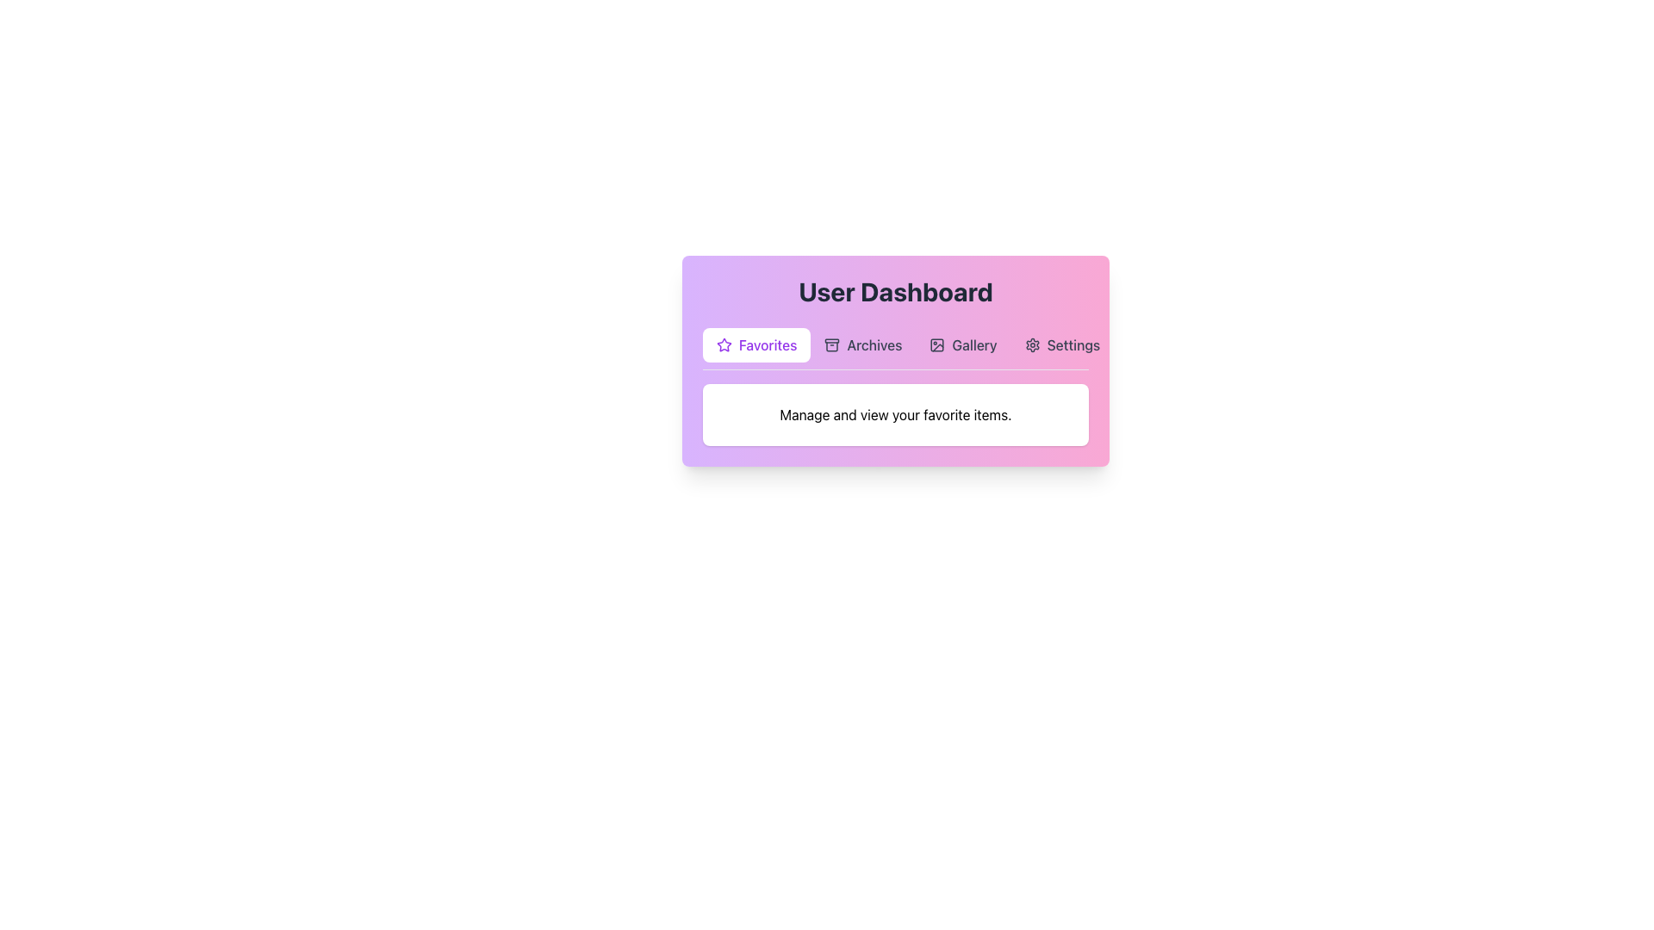  I want to click on the SVG Rectangle that serves as the main rectangular frame of the icon in the 'User Dashboard' panel next to the 'Favorites' label, so click(936, 345).